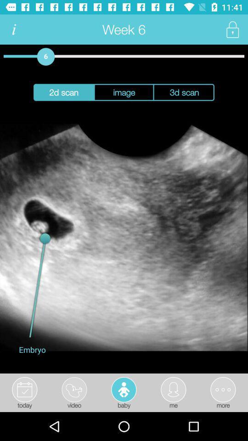  What do you see at coordinates (13, 29) in the screenshot?
I see `more information` at bounding box center [13, 29].